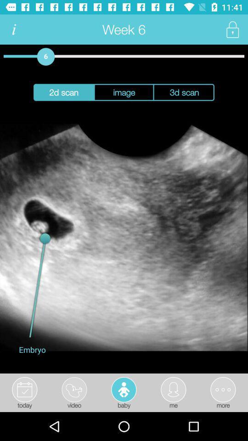  What do you see at coordinates (13, 29) in the screenshot?
I see `more information` at bounding box center [13, 29].